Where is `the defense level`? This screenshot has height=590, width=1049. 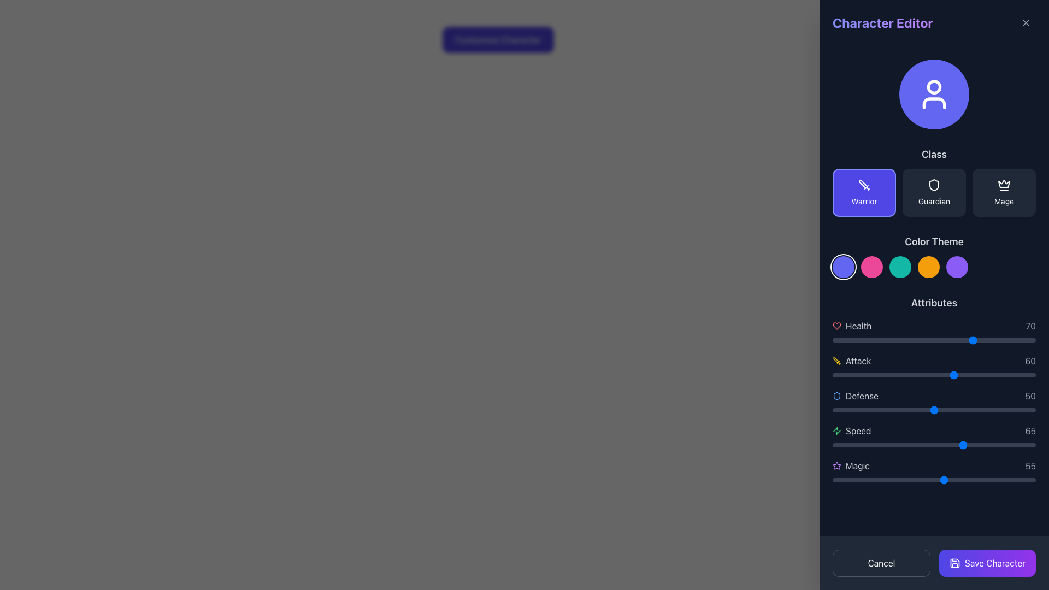
the defense level is located at coordinates (883, 410).